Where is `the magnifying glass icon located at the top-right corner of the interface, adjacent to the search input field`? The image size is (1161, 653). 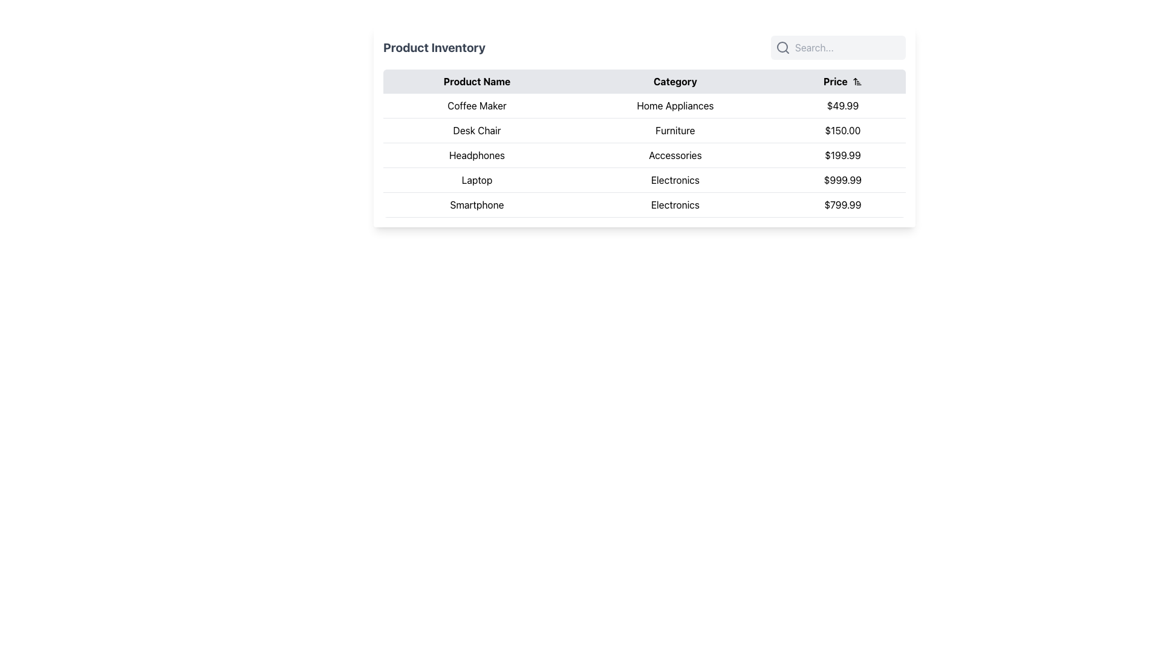 the magnifying glass icon located at the top-right corner of the interface, adjacent to the search input field is located at coordinates (783, 47).